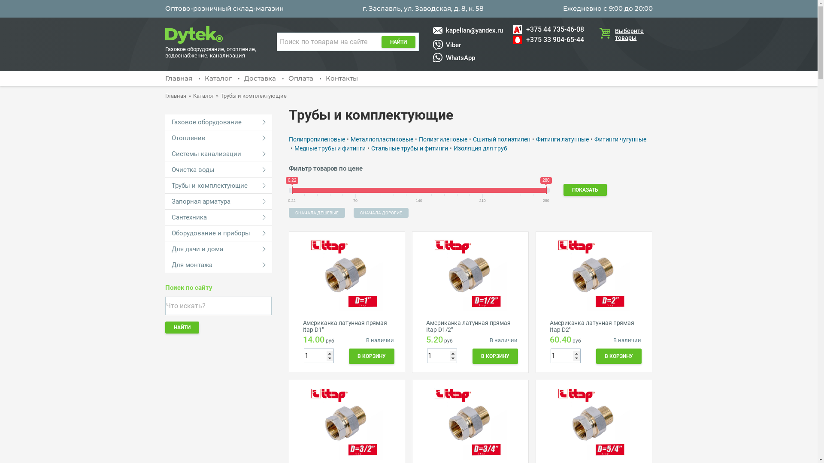  Describe the element at coordinates (566, 355) in the screenshot. I see `'1'` at that location.